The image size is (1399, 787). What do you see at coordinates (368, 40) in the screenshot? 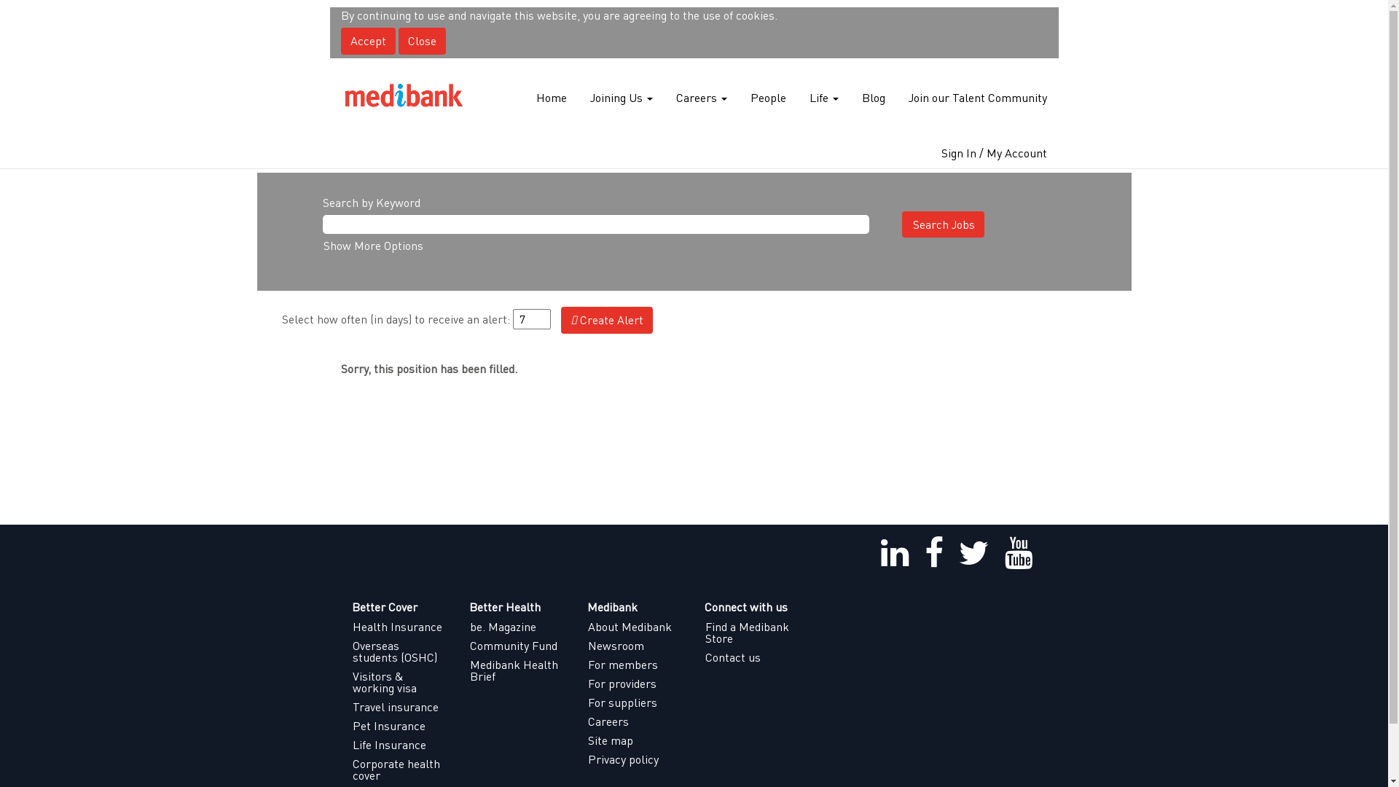
I see `'Accept'` at bounding box center [368, 40].